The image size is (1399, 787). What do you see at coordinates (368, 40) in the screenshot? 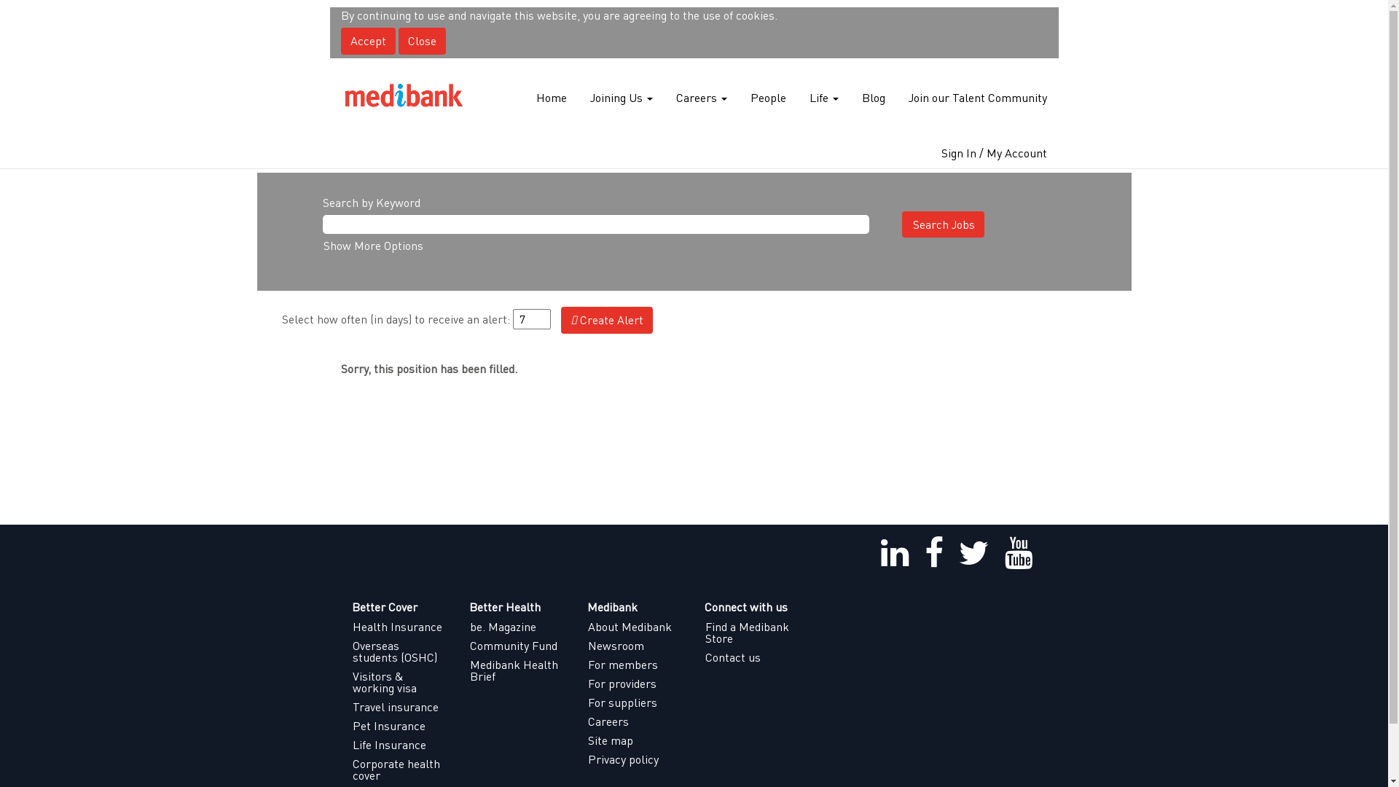
I see `'Accept'` at bounding box center [368, 40].